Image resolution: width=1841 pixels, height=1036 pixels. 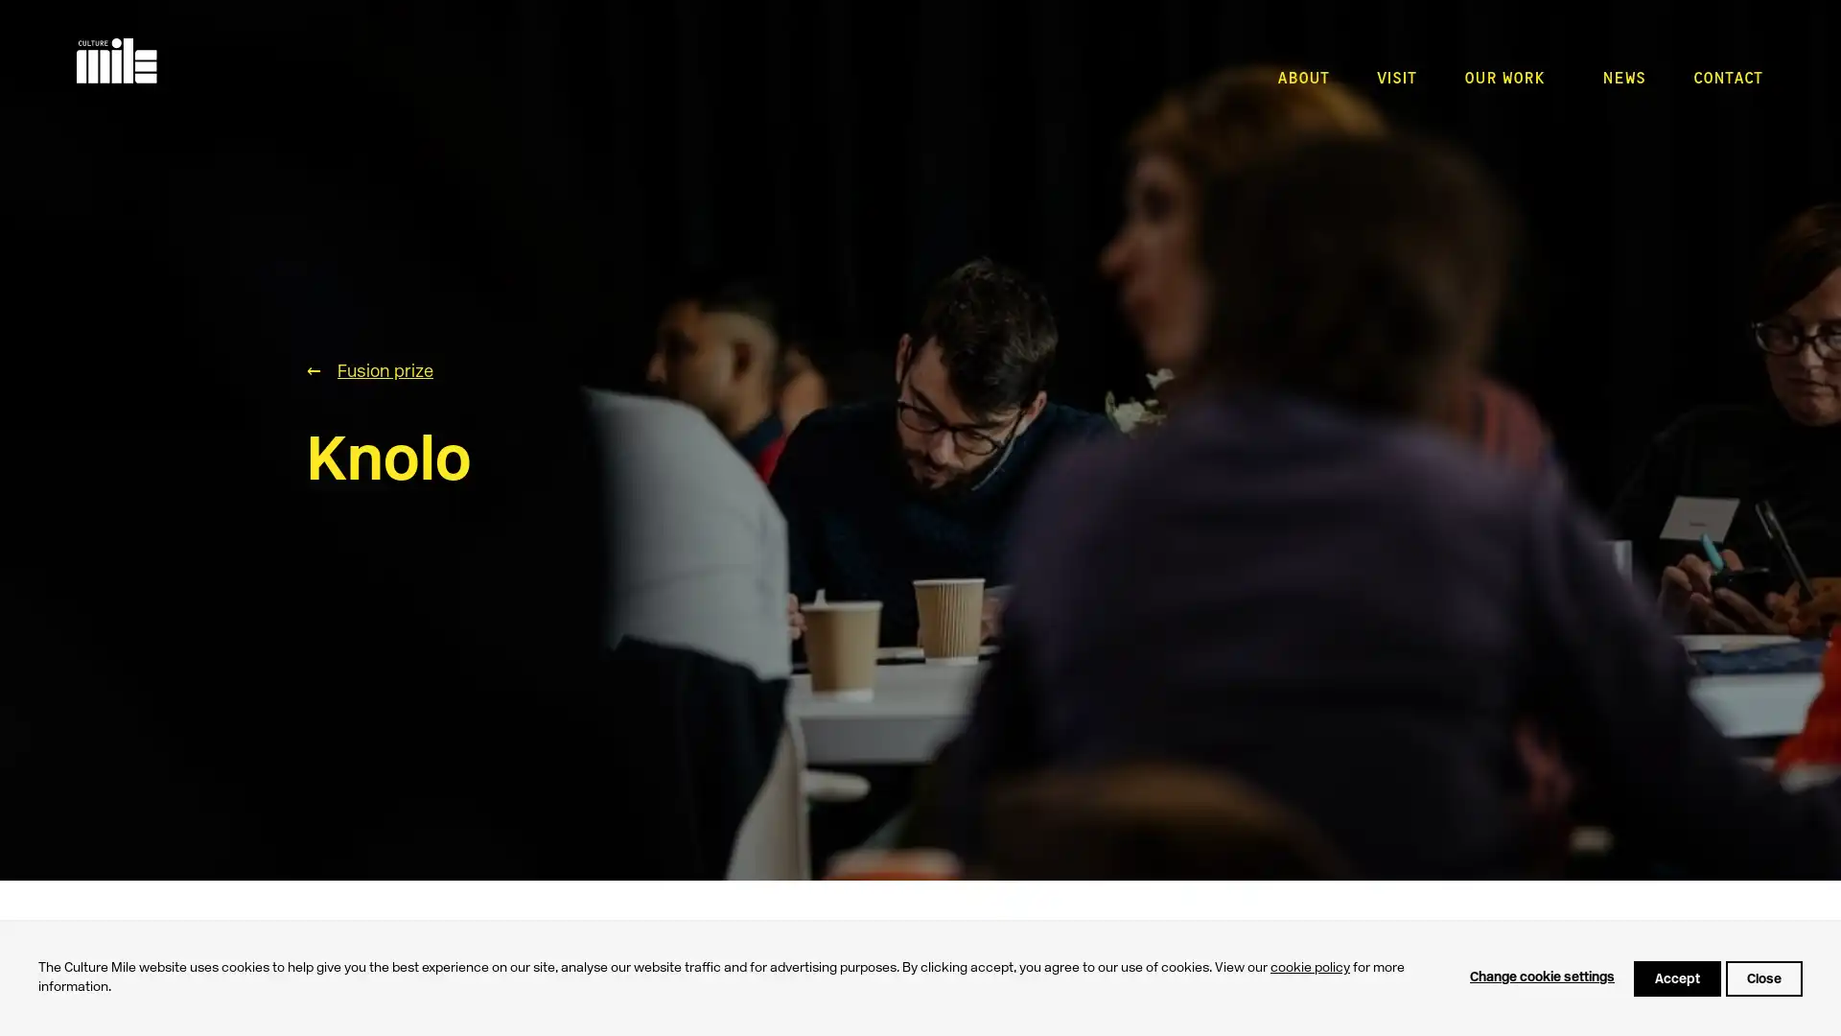 I want to click on Change cookie settings, so click(x=1542, y=977).